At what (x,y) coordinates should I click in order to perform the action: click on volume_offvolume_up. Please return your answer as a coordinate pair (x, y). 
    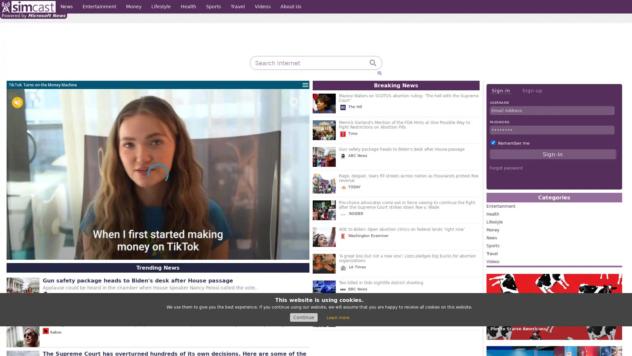
    Looking at the image, I should click on (17, 103).